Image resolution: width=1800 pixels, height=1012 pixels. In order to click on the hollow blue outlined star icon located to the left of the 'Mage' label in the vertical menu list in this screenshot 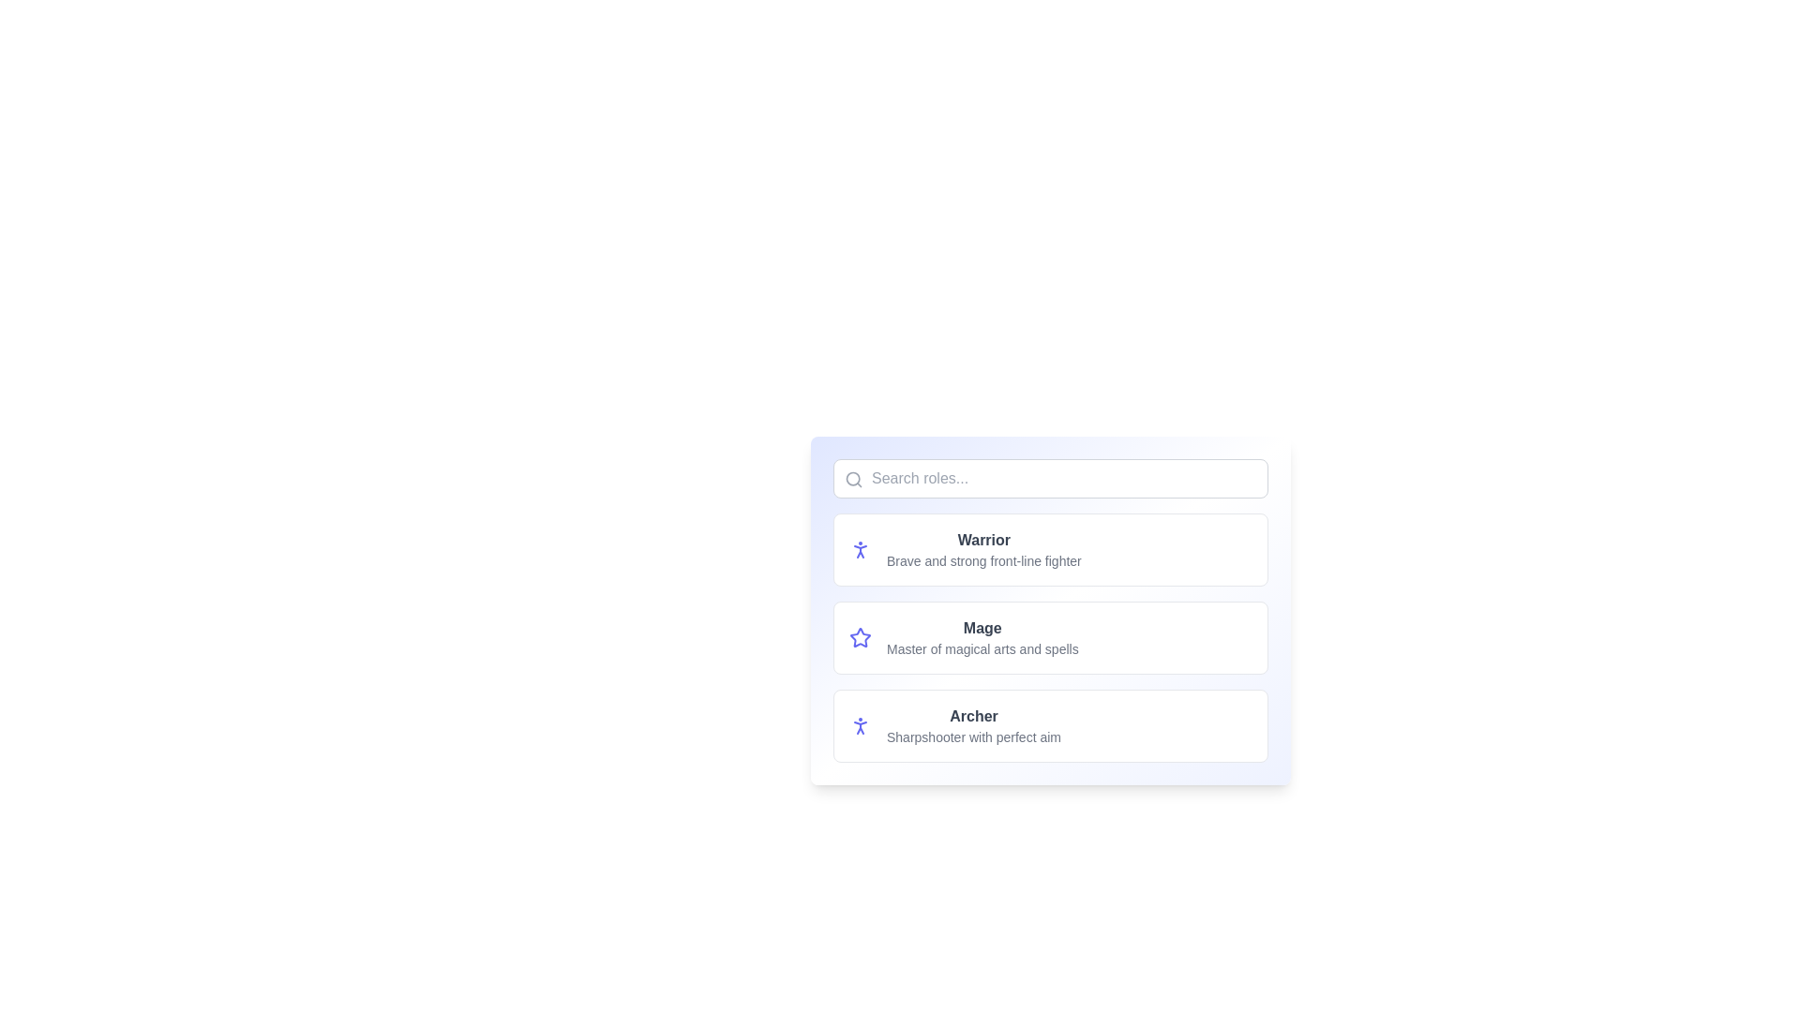, I will do `click(859, 636)`.